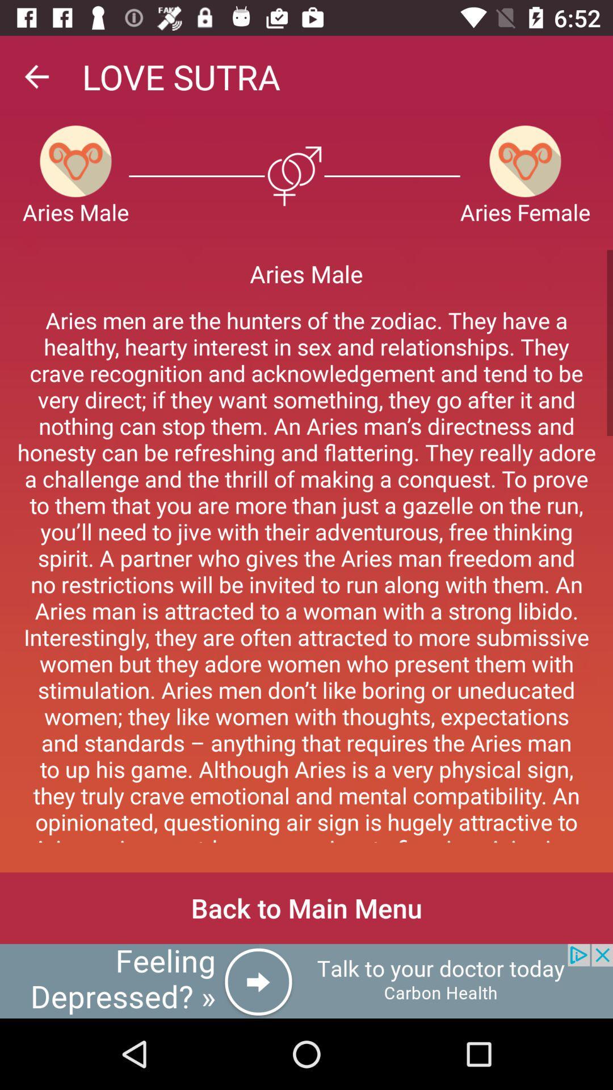 The height and width of the screenshot is (1090, 613). Describe the element at coordinates (36, 76) in the screenshot. I see `the arrow_backward icon` at that location.